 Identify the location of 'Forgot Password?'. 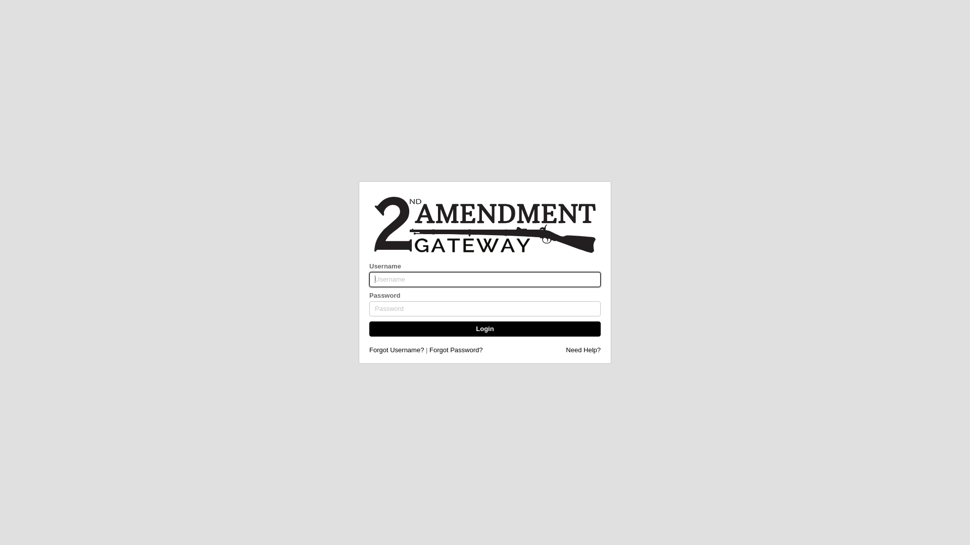
(429, 349).